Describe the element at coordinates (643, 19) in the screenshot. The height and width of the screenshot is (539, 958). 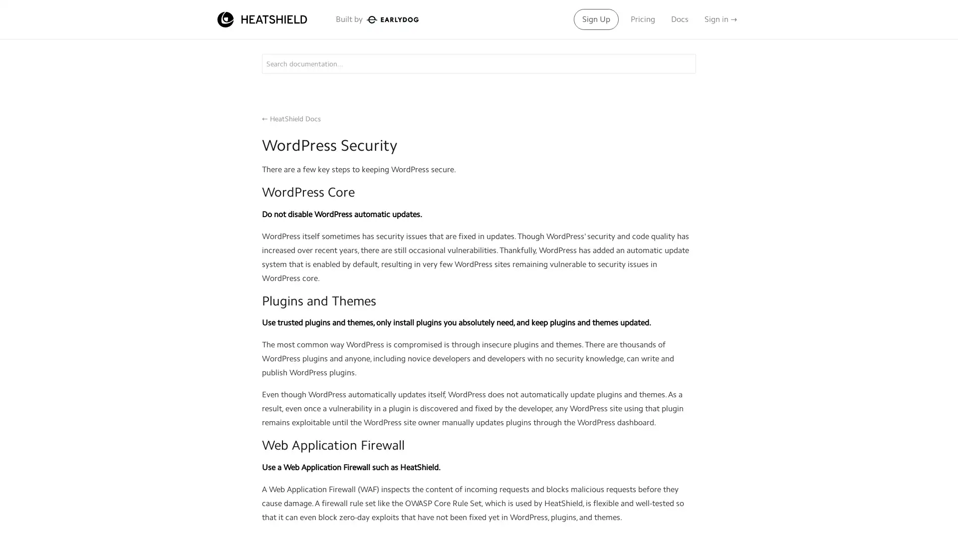
I see `Pricing` at that location.